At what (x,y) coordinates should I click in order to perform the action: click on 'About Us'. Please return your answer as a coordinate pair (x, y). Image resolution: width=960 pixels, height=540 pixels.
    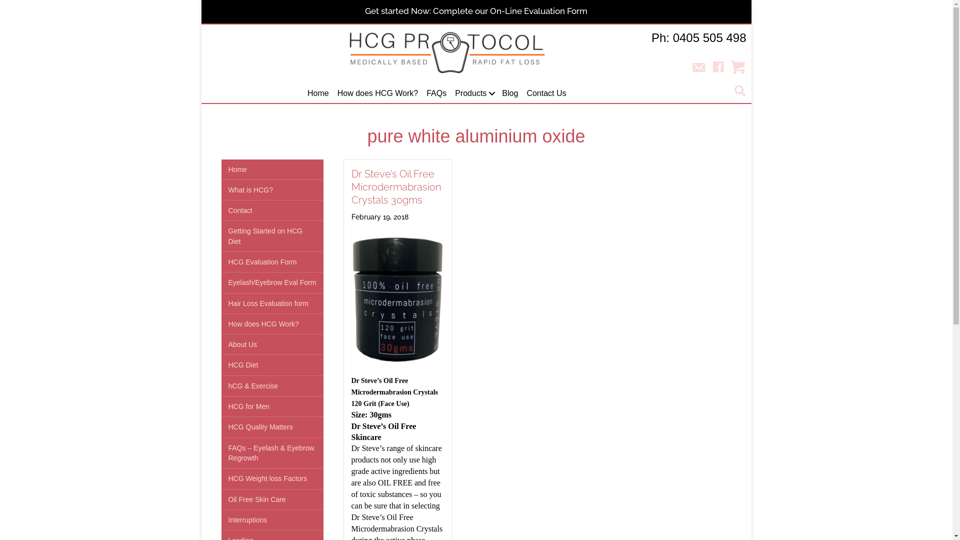
    Looking at the image, I should click on (220, 344).